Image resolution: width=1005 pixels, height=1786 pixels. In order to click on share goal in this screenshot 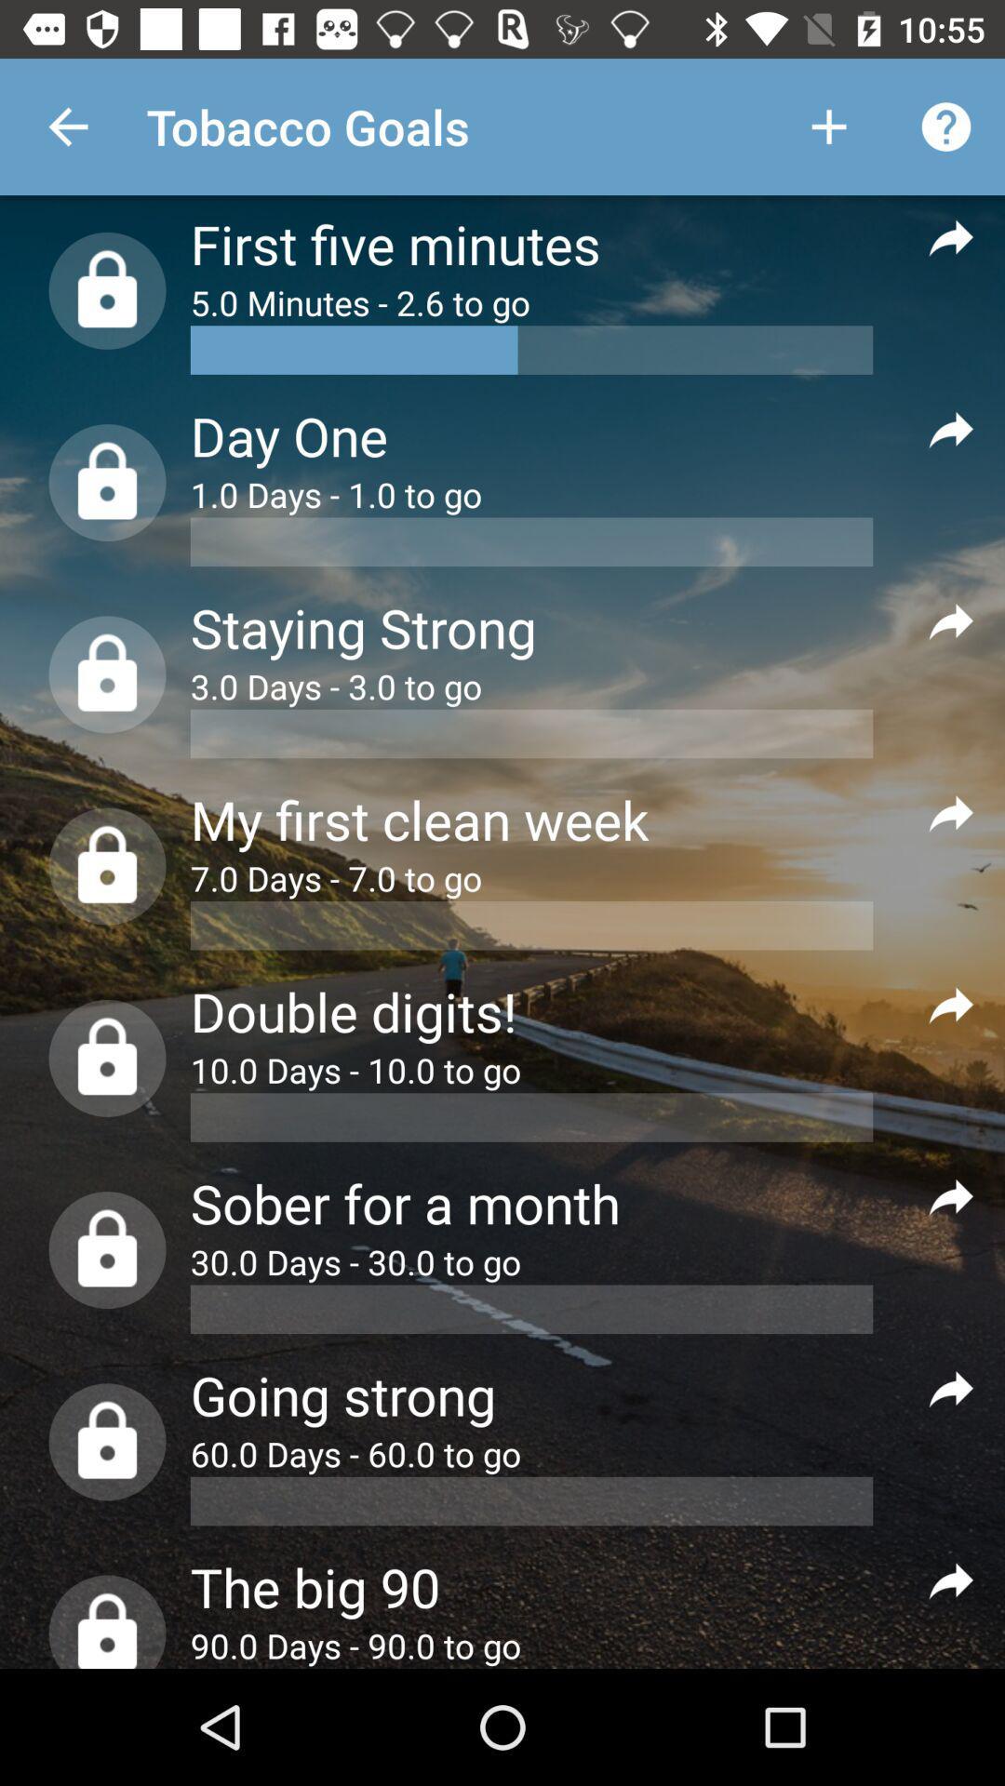, I will do `click(951, 428)`.